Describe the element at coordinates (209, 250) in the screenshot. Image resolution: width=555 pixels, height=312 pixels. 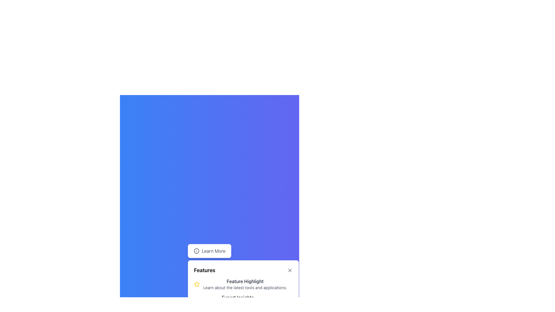
I see `the 'Learn More' button with a white background and an information icon` at that location.